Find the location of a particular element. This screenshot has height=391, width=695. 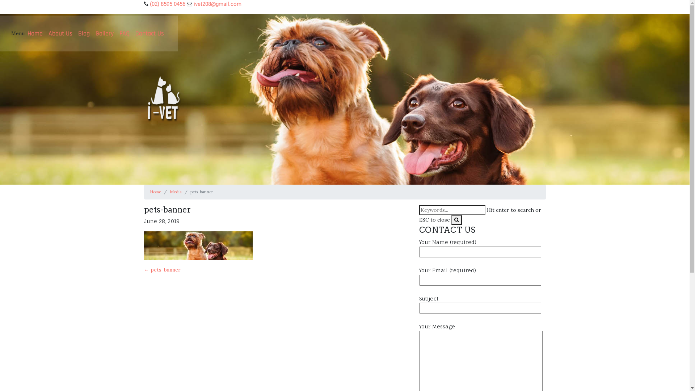

'Contact Us' is located at coordinates (149, 33).